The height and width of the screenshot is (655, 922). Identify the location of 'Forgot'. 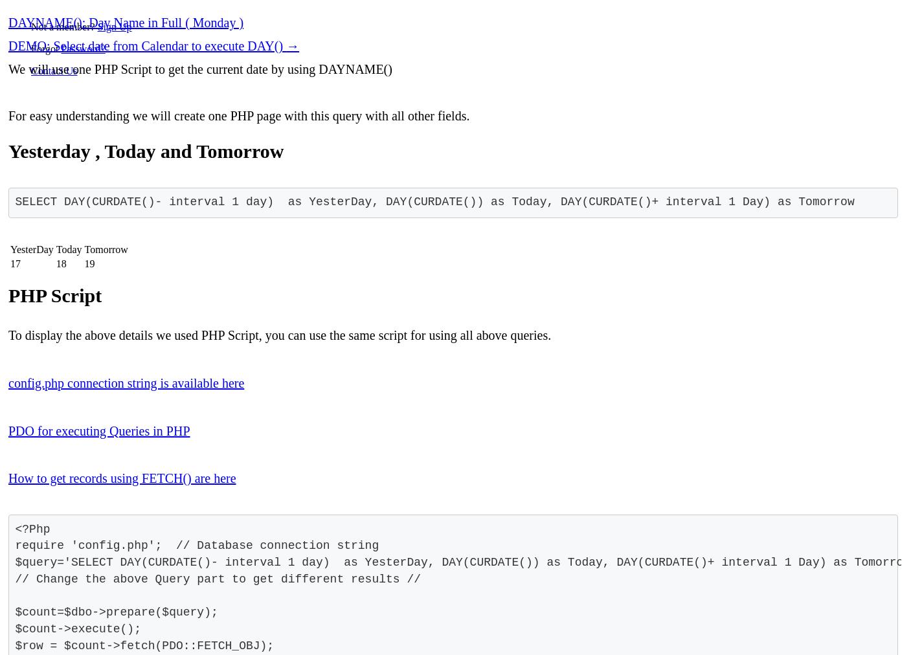
(46, 48).